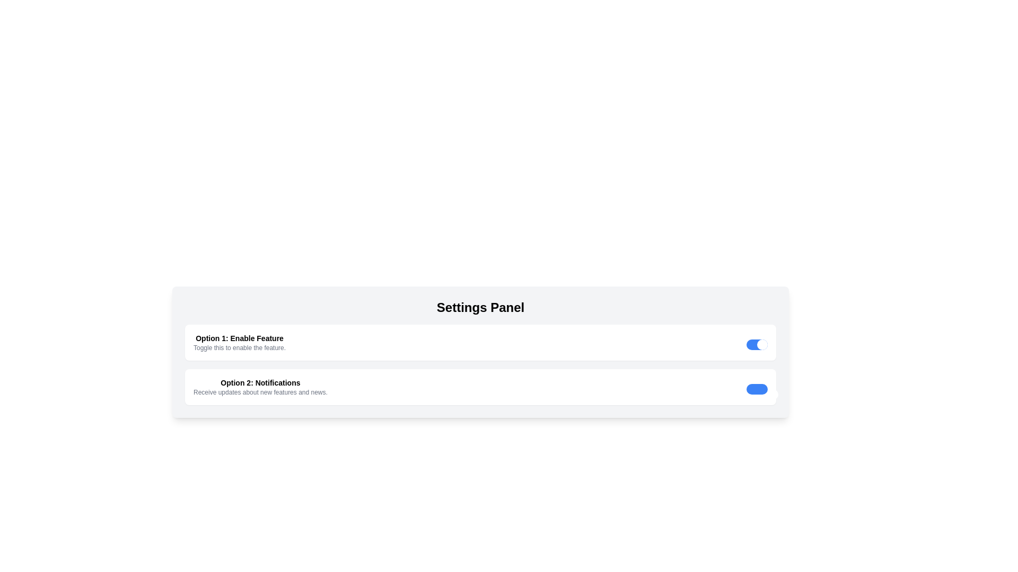 The height and width of the screenshot is (572, 1018). What do you see at coordinates (480, 387) in the screenshot?
I see `the toggle switch for the settings option that manages notifications, located in the lower half of the settings panel` at bounding box center [480, 387].